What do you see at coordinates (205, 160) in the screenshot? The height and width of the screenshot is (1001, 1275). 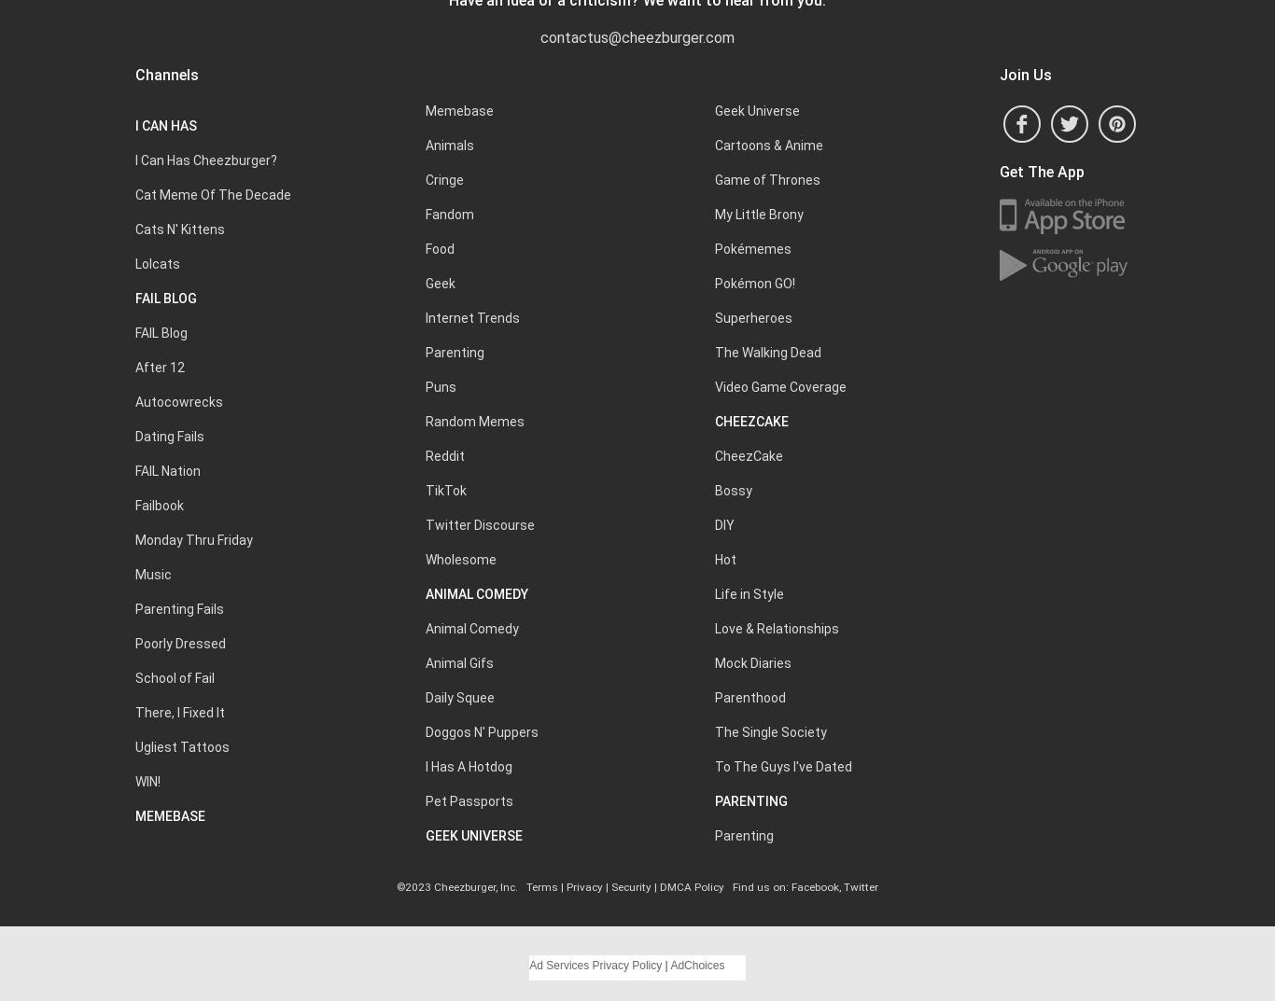 I see `'I Can Has Cheezburger?'` at bounding box center [205, 160].